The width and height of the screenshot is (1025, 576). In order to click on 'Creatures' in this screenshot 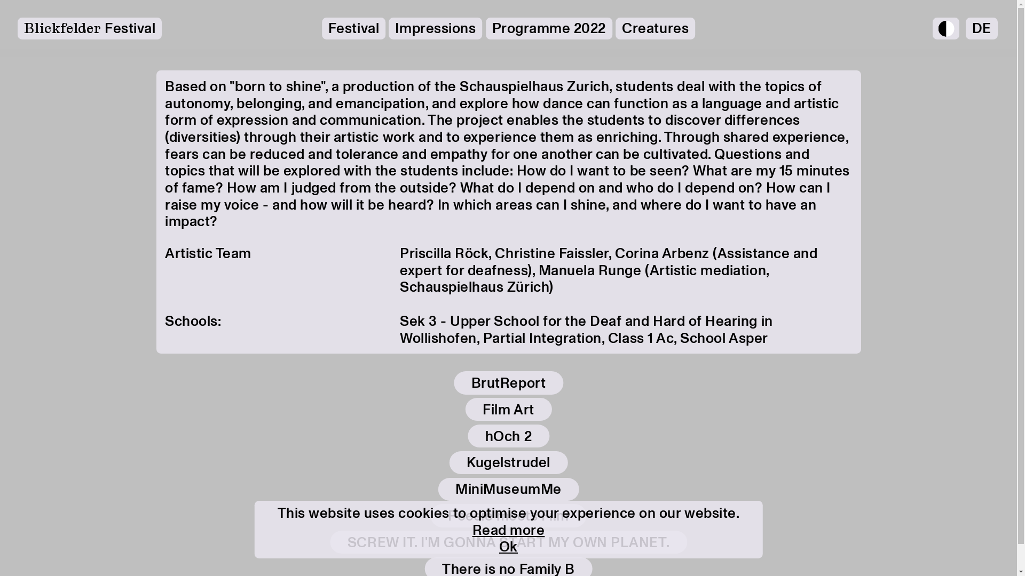, I will do `click(655, 28)`.